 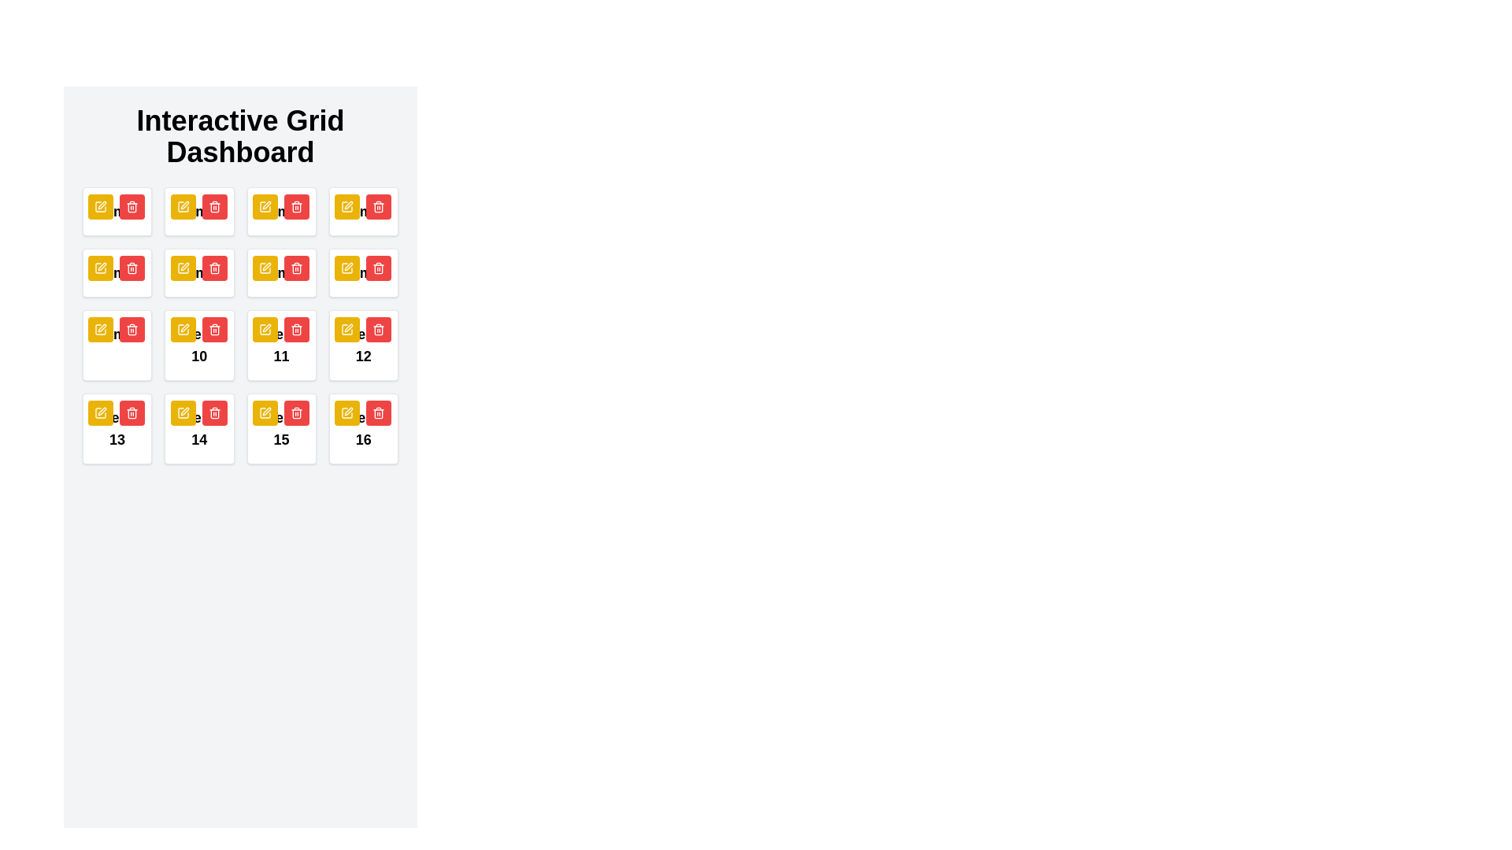 I want to click on the edit icon button, which is a small square with a stylized pen shape inside, located in the first row and first column of the 'Interactive Grid Dashboard', so click(x=265, y=267).